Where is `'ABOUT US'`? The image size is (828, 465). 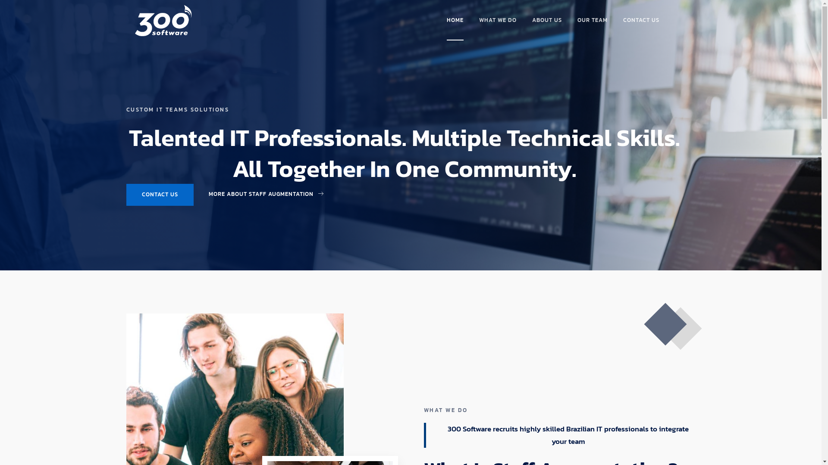
'ABOUT US' is located at coordinates (546, 21).